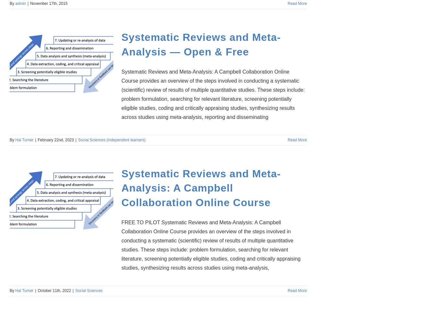 This screenshot has width=421, height=315. What do you see at coordinates (54, 290) in the screenshot?
I see `'October 11th, 2022'` at bounding box center [54, 290].